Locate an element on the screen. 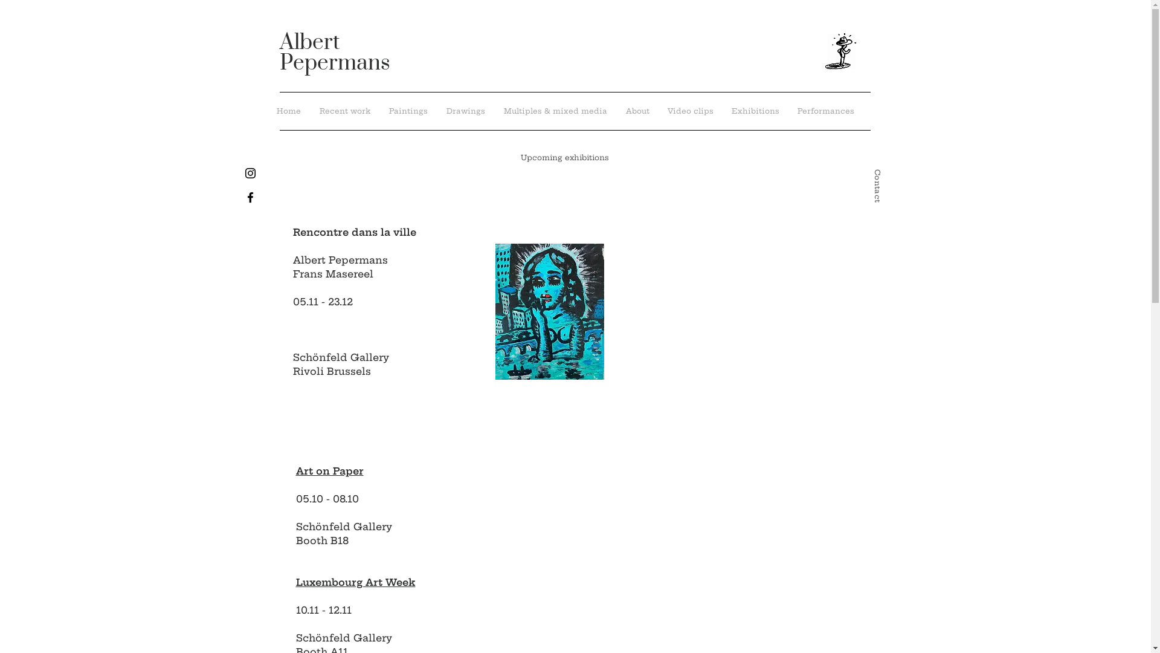 Image resolution: width=1160 pixels, height=653 pixels. 'Albert Pepermans' is located at coordinates (278, 52).